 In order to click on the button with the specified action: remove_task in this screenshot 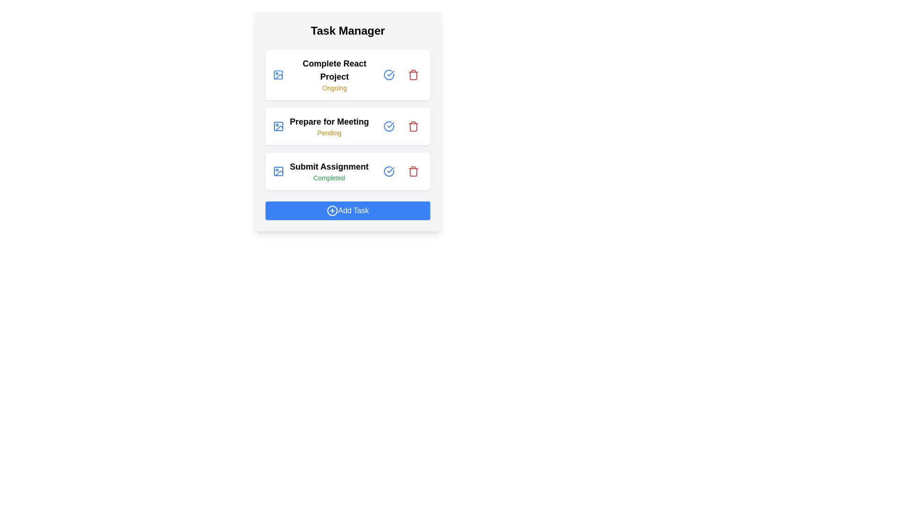, I will do `click(413, 74)`.